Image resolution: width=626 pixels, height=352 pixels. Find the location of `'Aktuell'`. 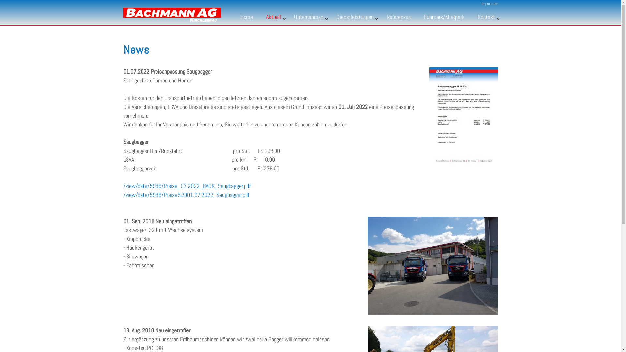

'Aktuell' is located at coordinates (274, 18).